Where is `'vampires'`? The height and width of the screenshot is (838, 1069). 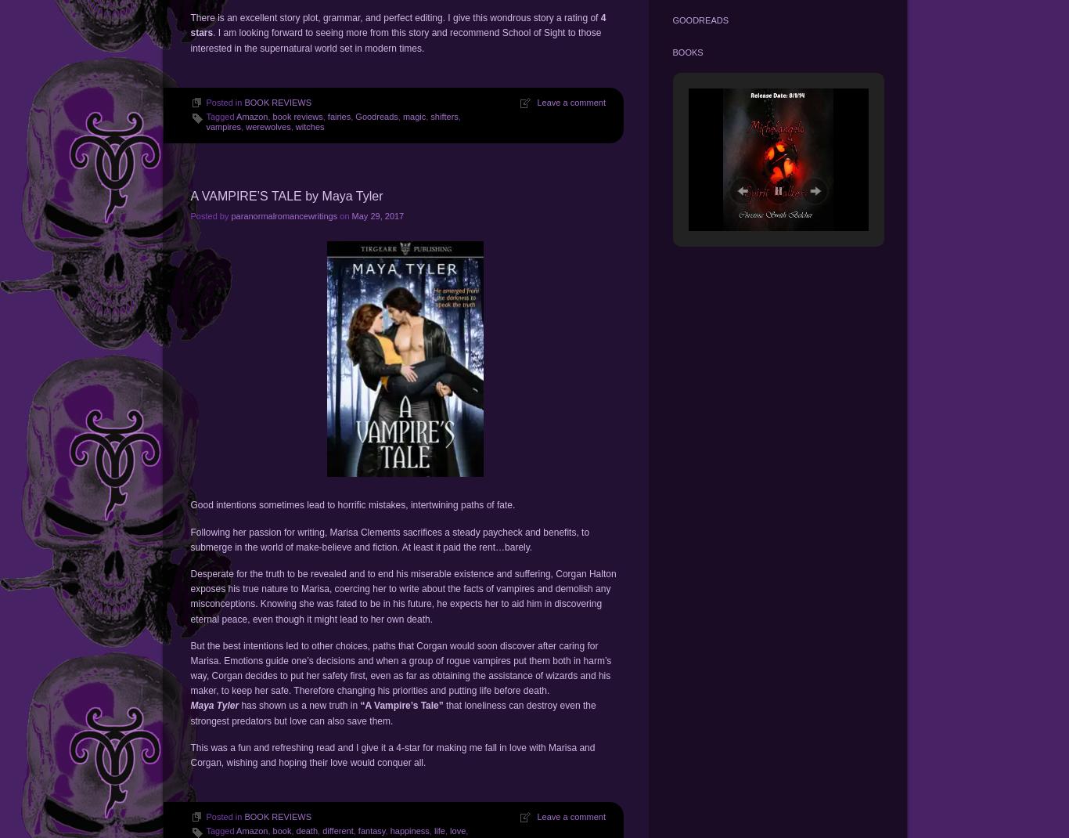
'vampires' is located at coordinates (223, 126).